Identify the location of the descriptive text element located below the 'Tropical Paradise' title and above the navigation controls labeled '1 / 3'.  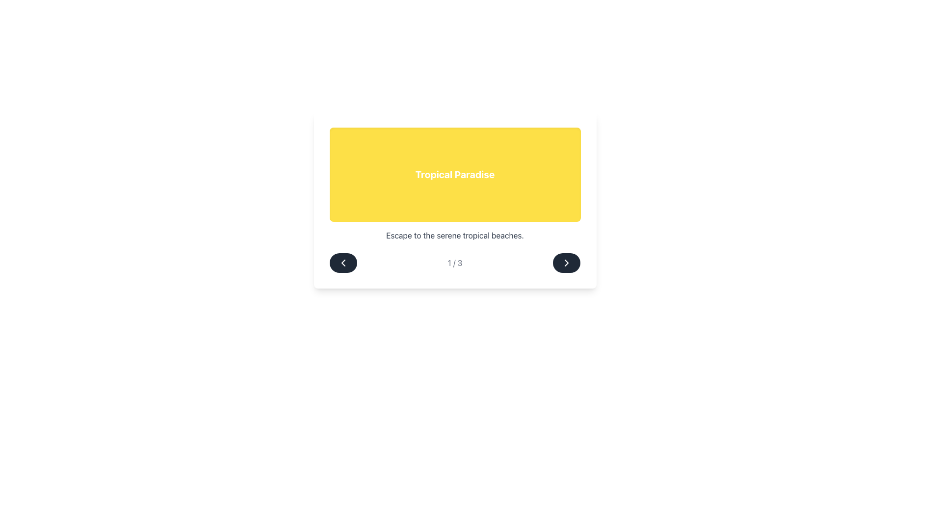
(454, 235).